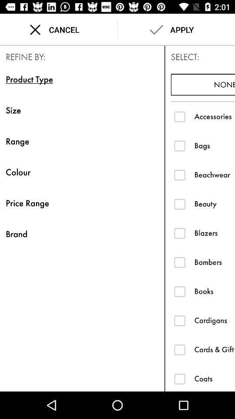 This screenshot has height=419, width=235. I want to click on the icon above blazers, so click(214, 204).